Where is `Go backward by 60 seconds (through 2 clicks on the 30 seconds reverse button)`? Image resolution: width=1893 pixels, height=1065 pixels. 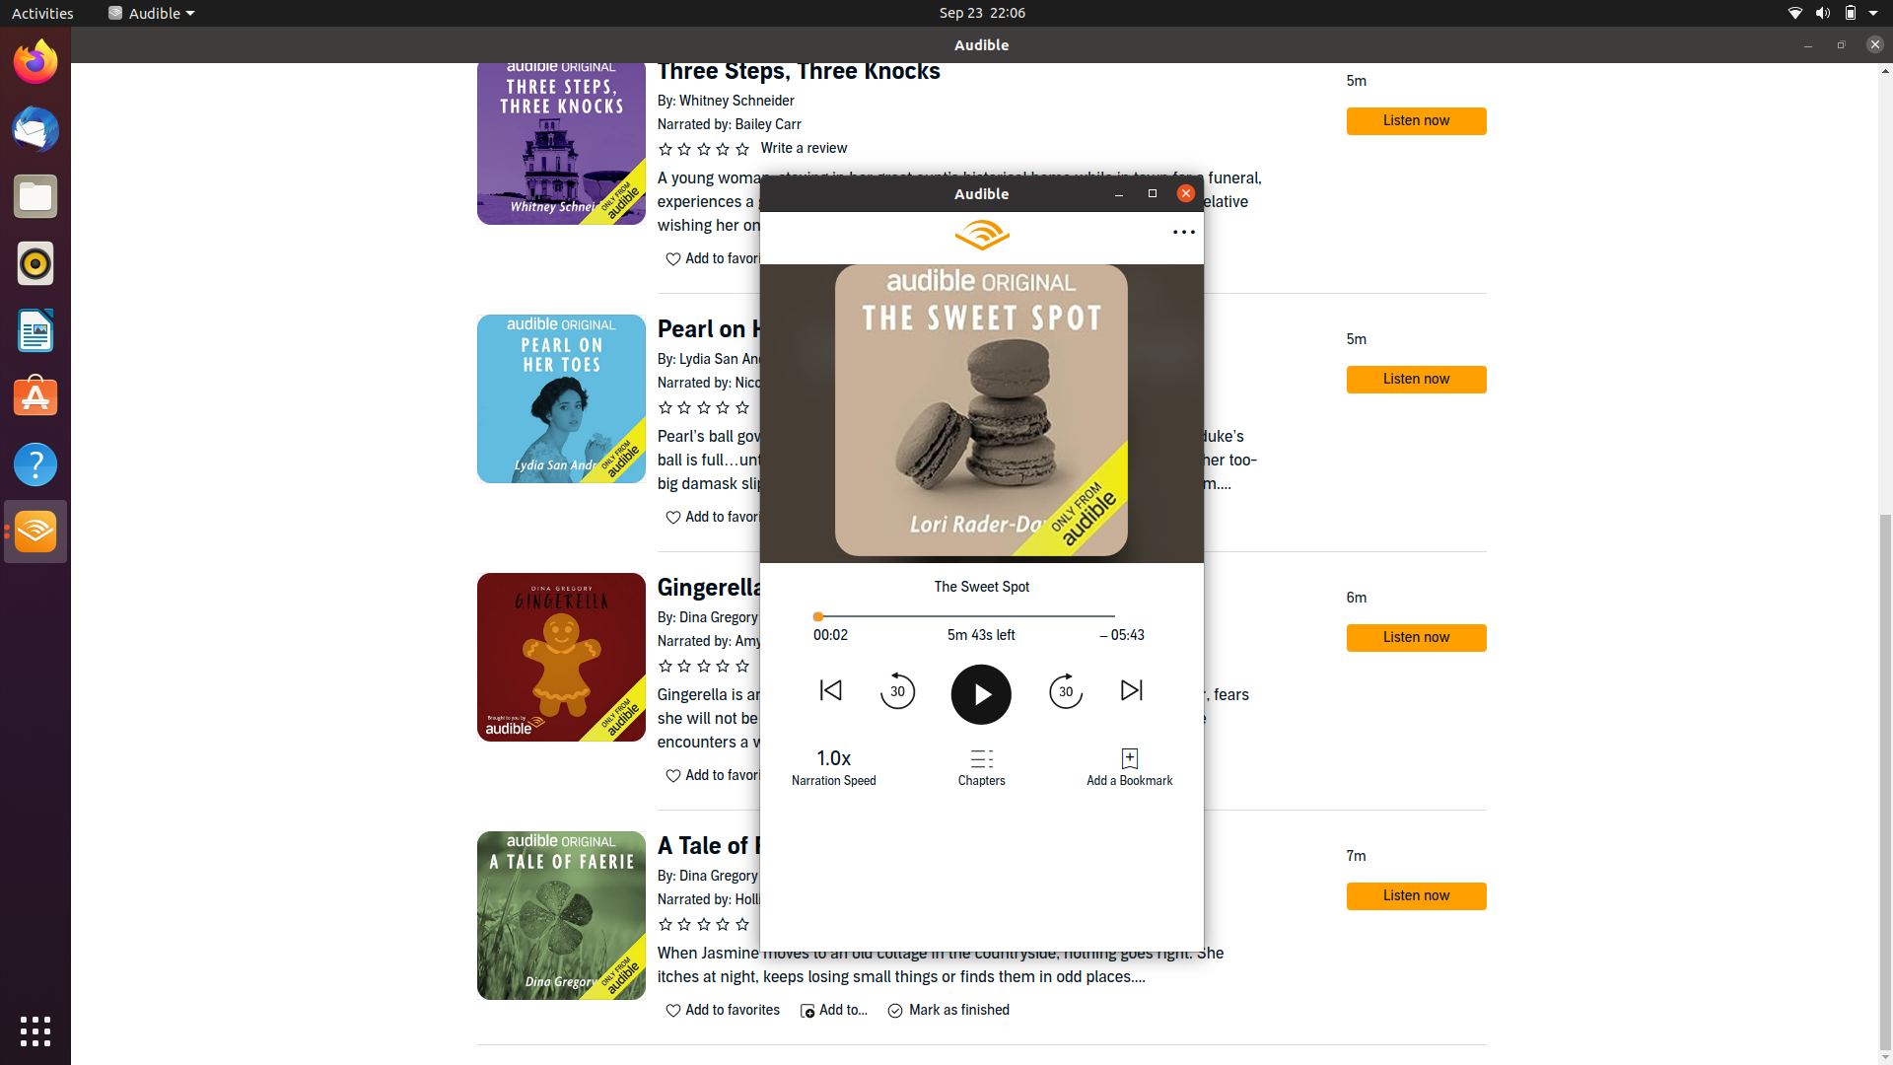 Go backward by 60 seconds (through 2 clicks on the 30 seconds reverse button) is located at coordinates (898, 688).